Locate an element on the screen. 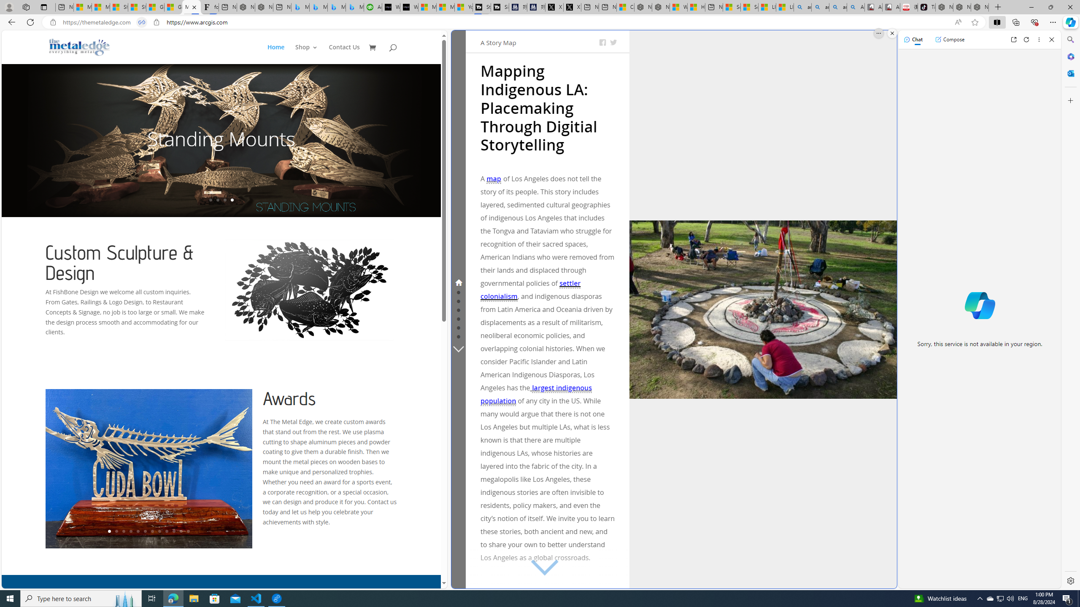 The height and width of the screenshot is (607, 1080). 'Share on Twitter' is located at coordinates (613, 42).